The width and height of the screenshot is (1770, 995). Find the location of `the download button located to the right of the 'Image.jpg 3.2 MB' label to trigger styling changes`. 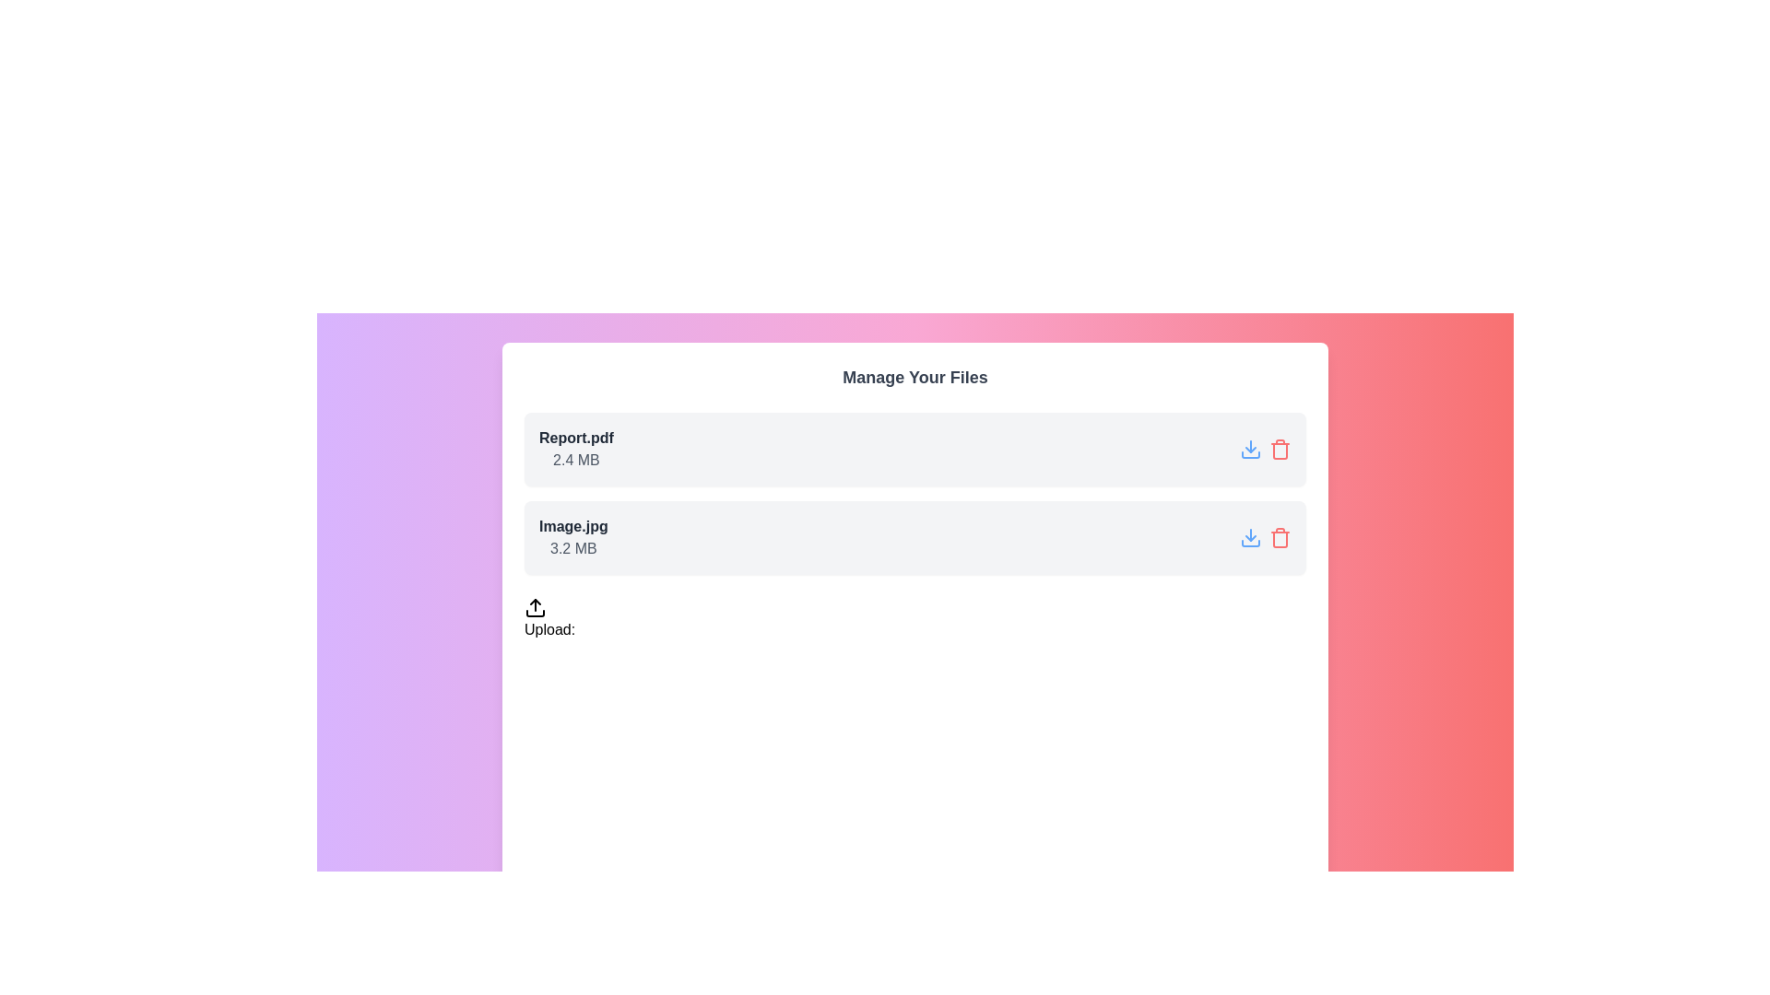

the download button located to the right of the 'Image.jpg 3.2 MB' label to trigger styling changes is located at coordinates (1251, 537).